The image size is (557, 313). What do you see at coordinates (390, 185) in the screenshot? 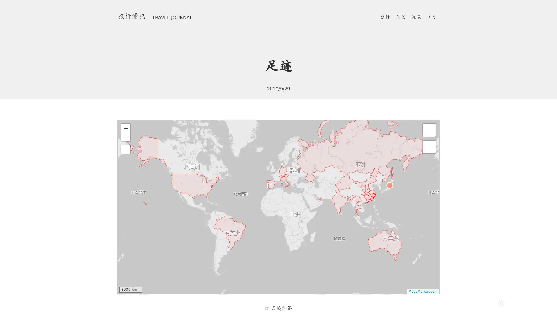
I see `Marker` at bounding box center [390, 185].